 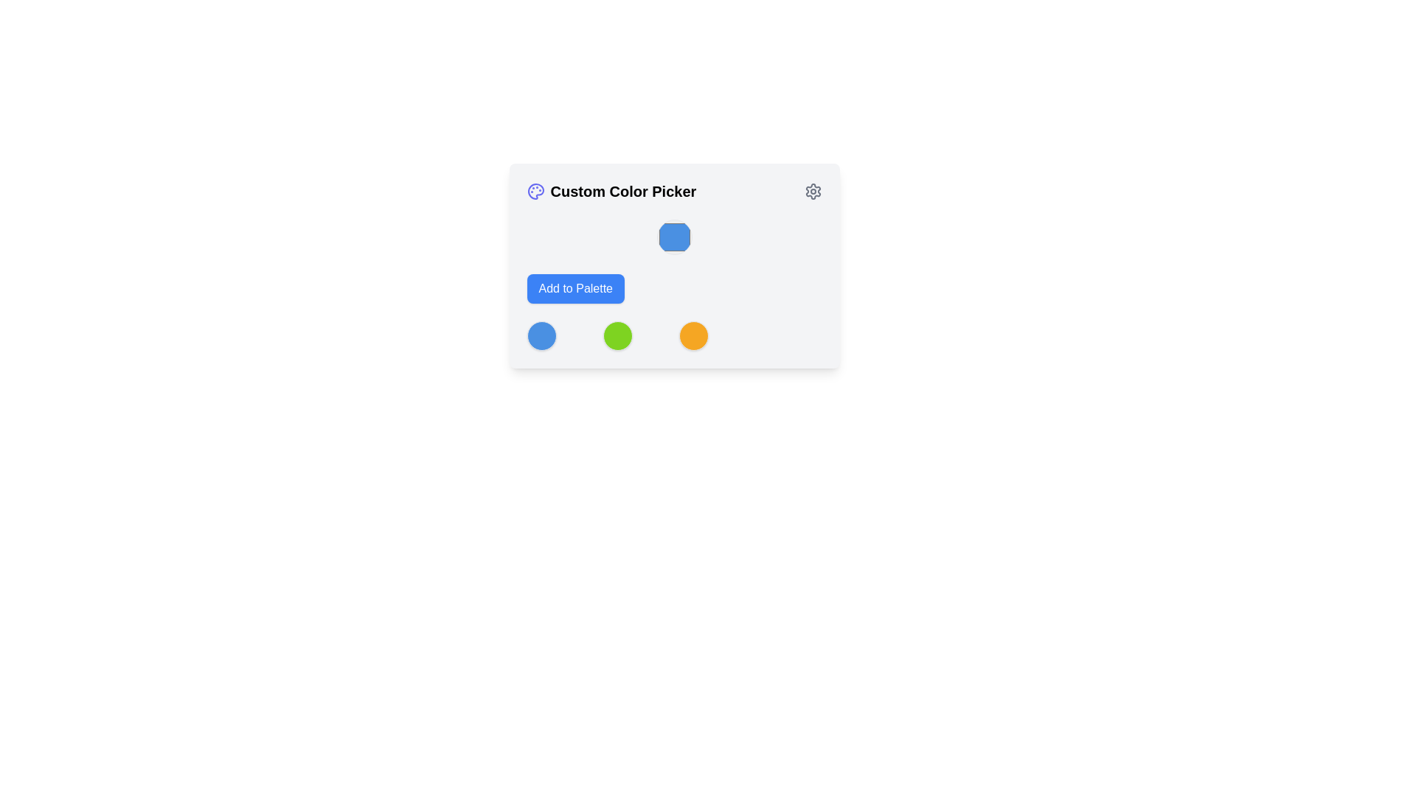 What do you see at coordinates (812, 190) in the screenshot?
I see `the gear-shaped icon` at bounding box center [812, 190].